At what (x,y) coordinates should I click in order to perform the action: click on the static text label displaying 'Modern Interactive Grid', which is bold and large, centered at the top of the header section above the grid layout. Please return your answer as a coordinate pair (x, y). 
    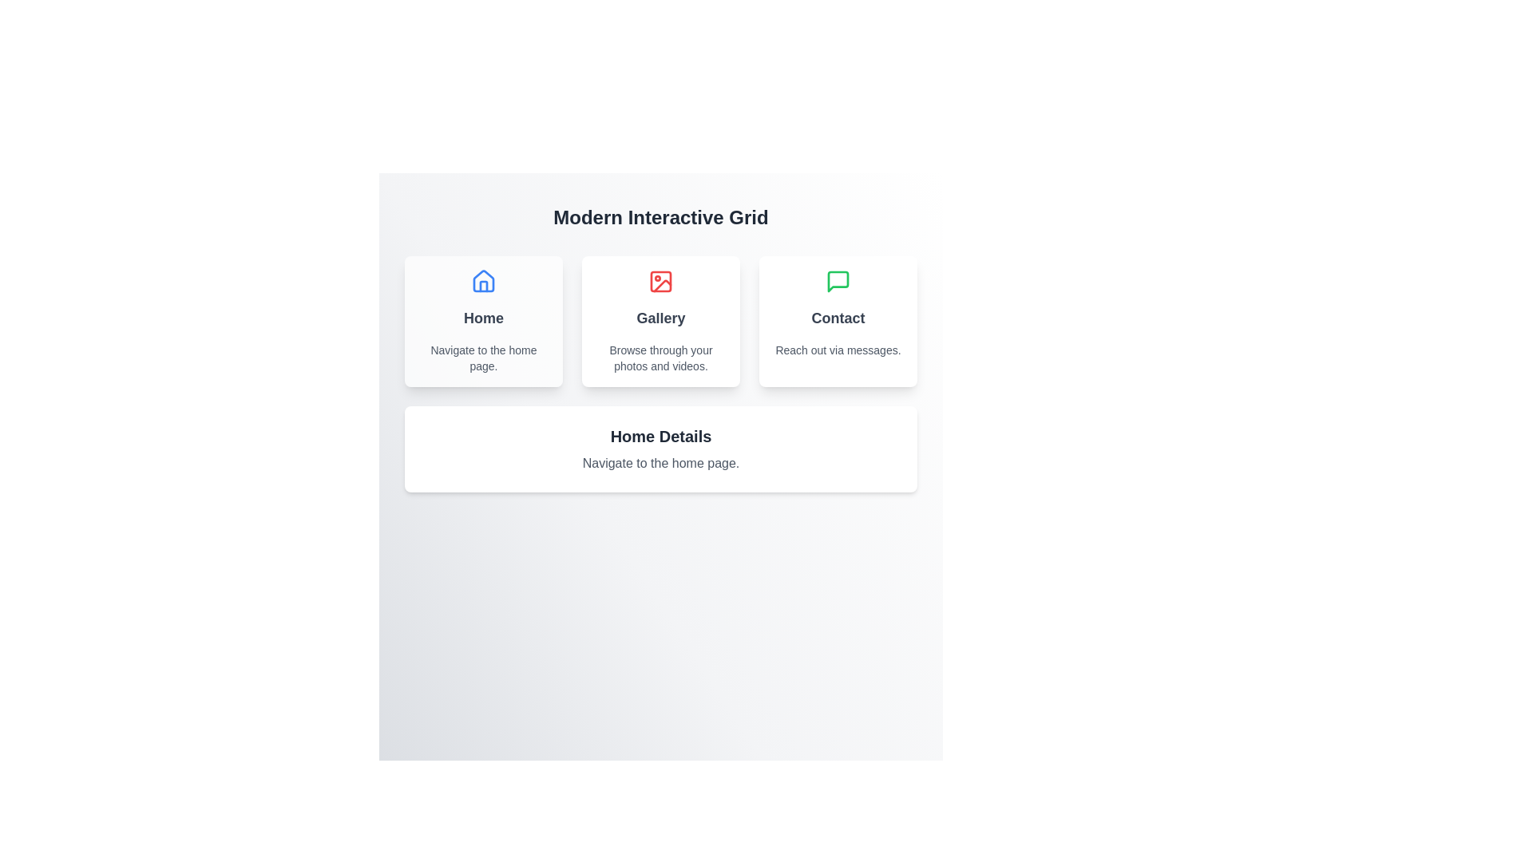
    Looking at the image, I should click on (661, 218).